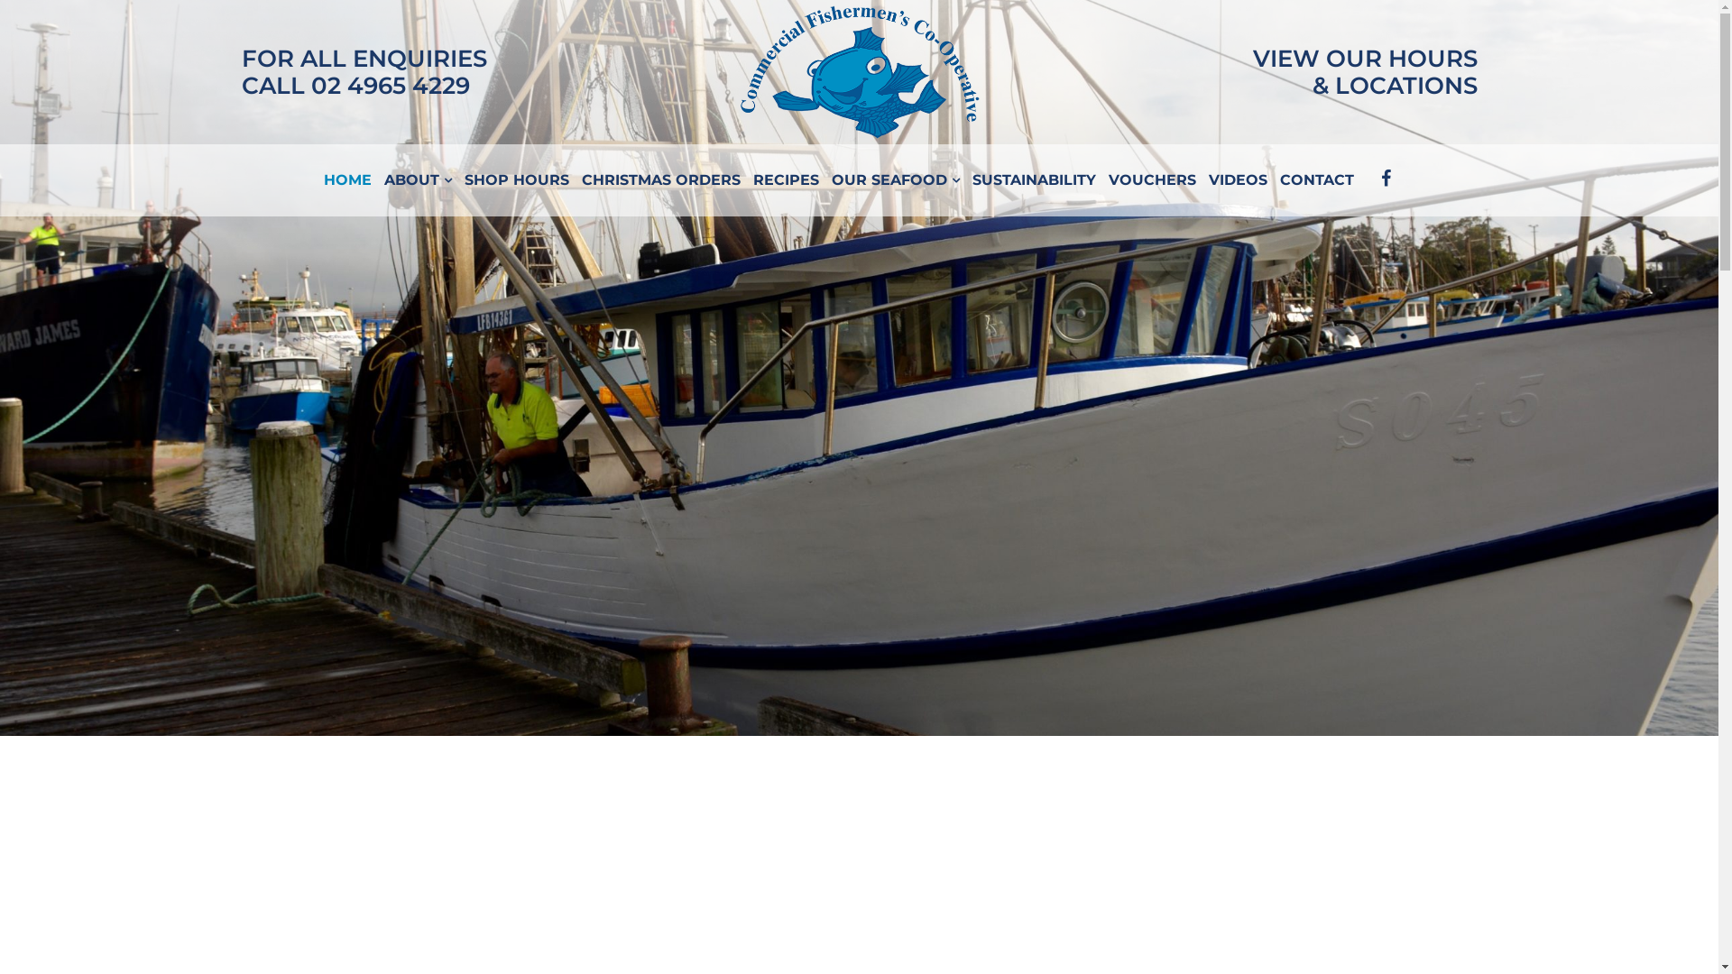 Image resolution: width=1732 pixels, height=974 pixels. I want to click on 'CHRISTMAS ORDERS', so click(660, 180).